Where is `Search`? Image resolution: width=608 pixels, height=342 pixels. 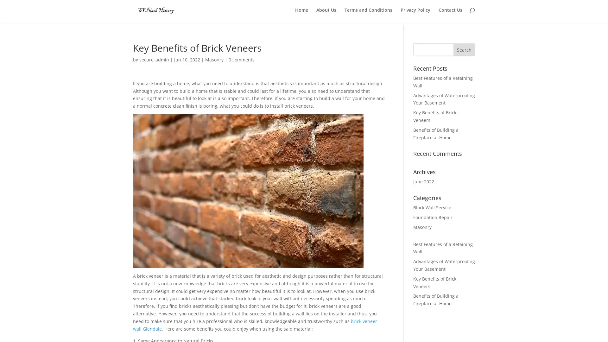
Search is located at coordinates (464, 47).